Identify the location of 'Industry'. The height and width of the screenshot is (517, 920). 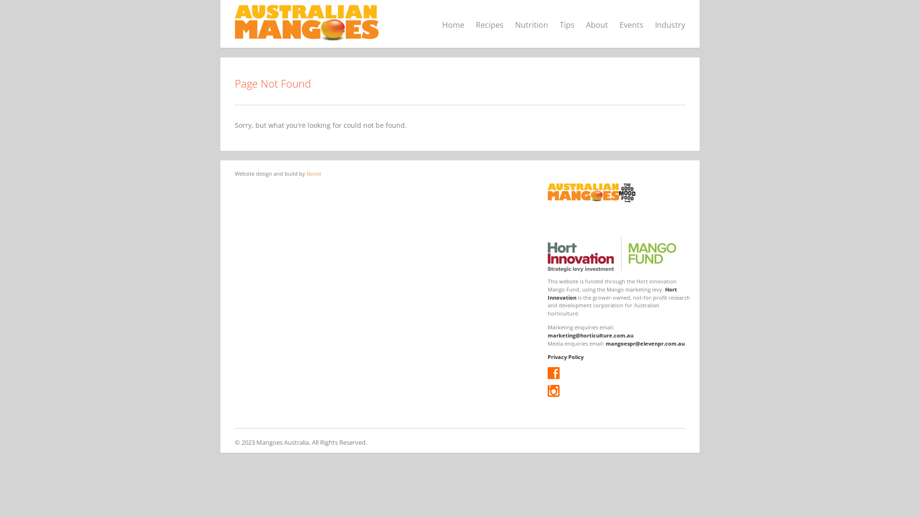
(655, 24).